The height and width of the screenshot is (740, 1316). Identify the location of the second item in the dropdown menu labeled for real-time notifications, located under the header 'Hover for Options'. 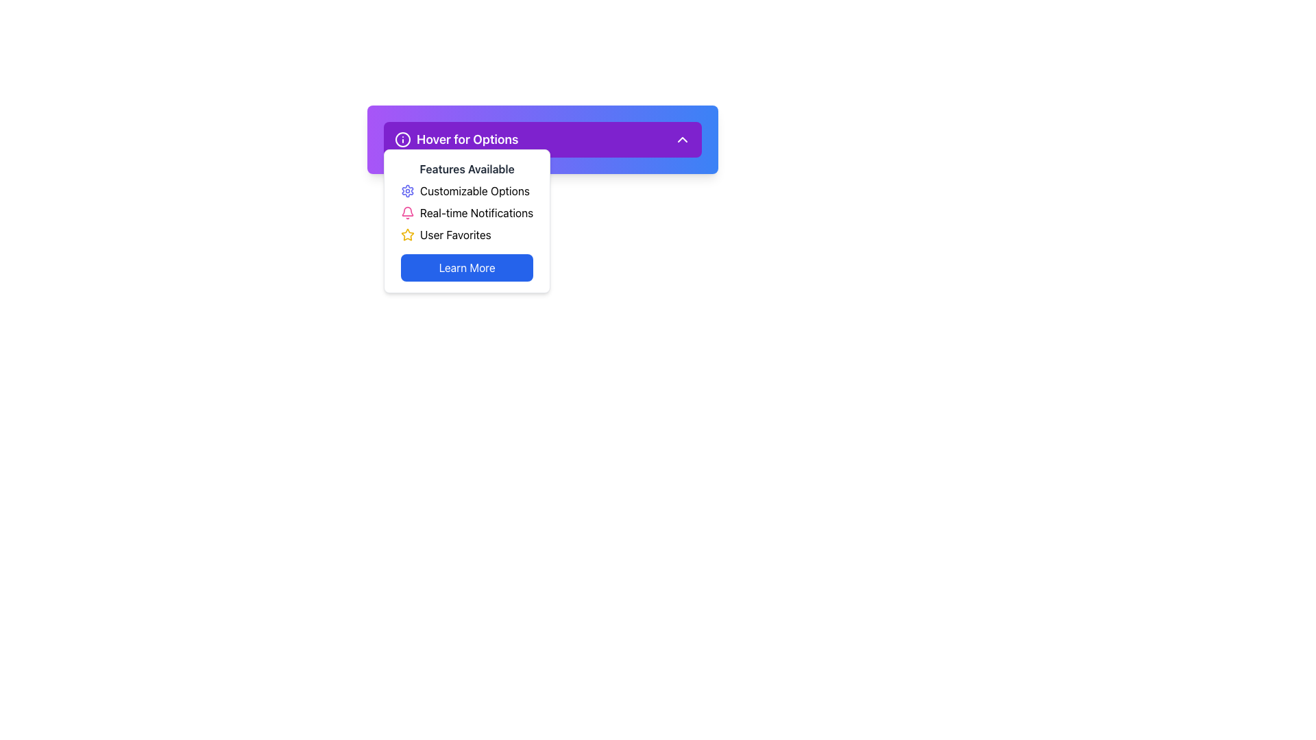
(467, 213).